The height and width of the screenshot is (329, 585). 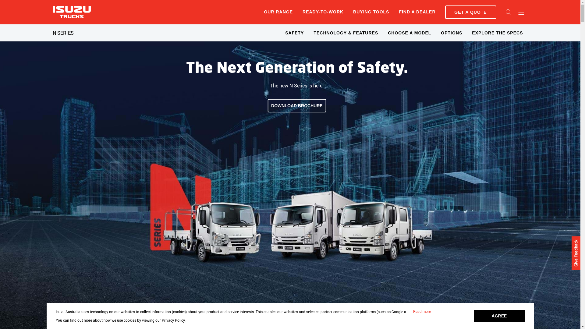 What do you see at coordinates (346, 33) in the screenshot?
I see `'TECHNOLOGY & FEATURES'` at bounding box center [346, 33].